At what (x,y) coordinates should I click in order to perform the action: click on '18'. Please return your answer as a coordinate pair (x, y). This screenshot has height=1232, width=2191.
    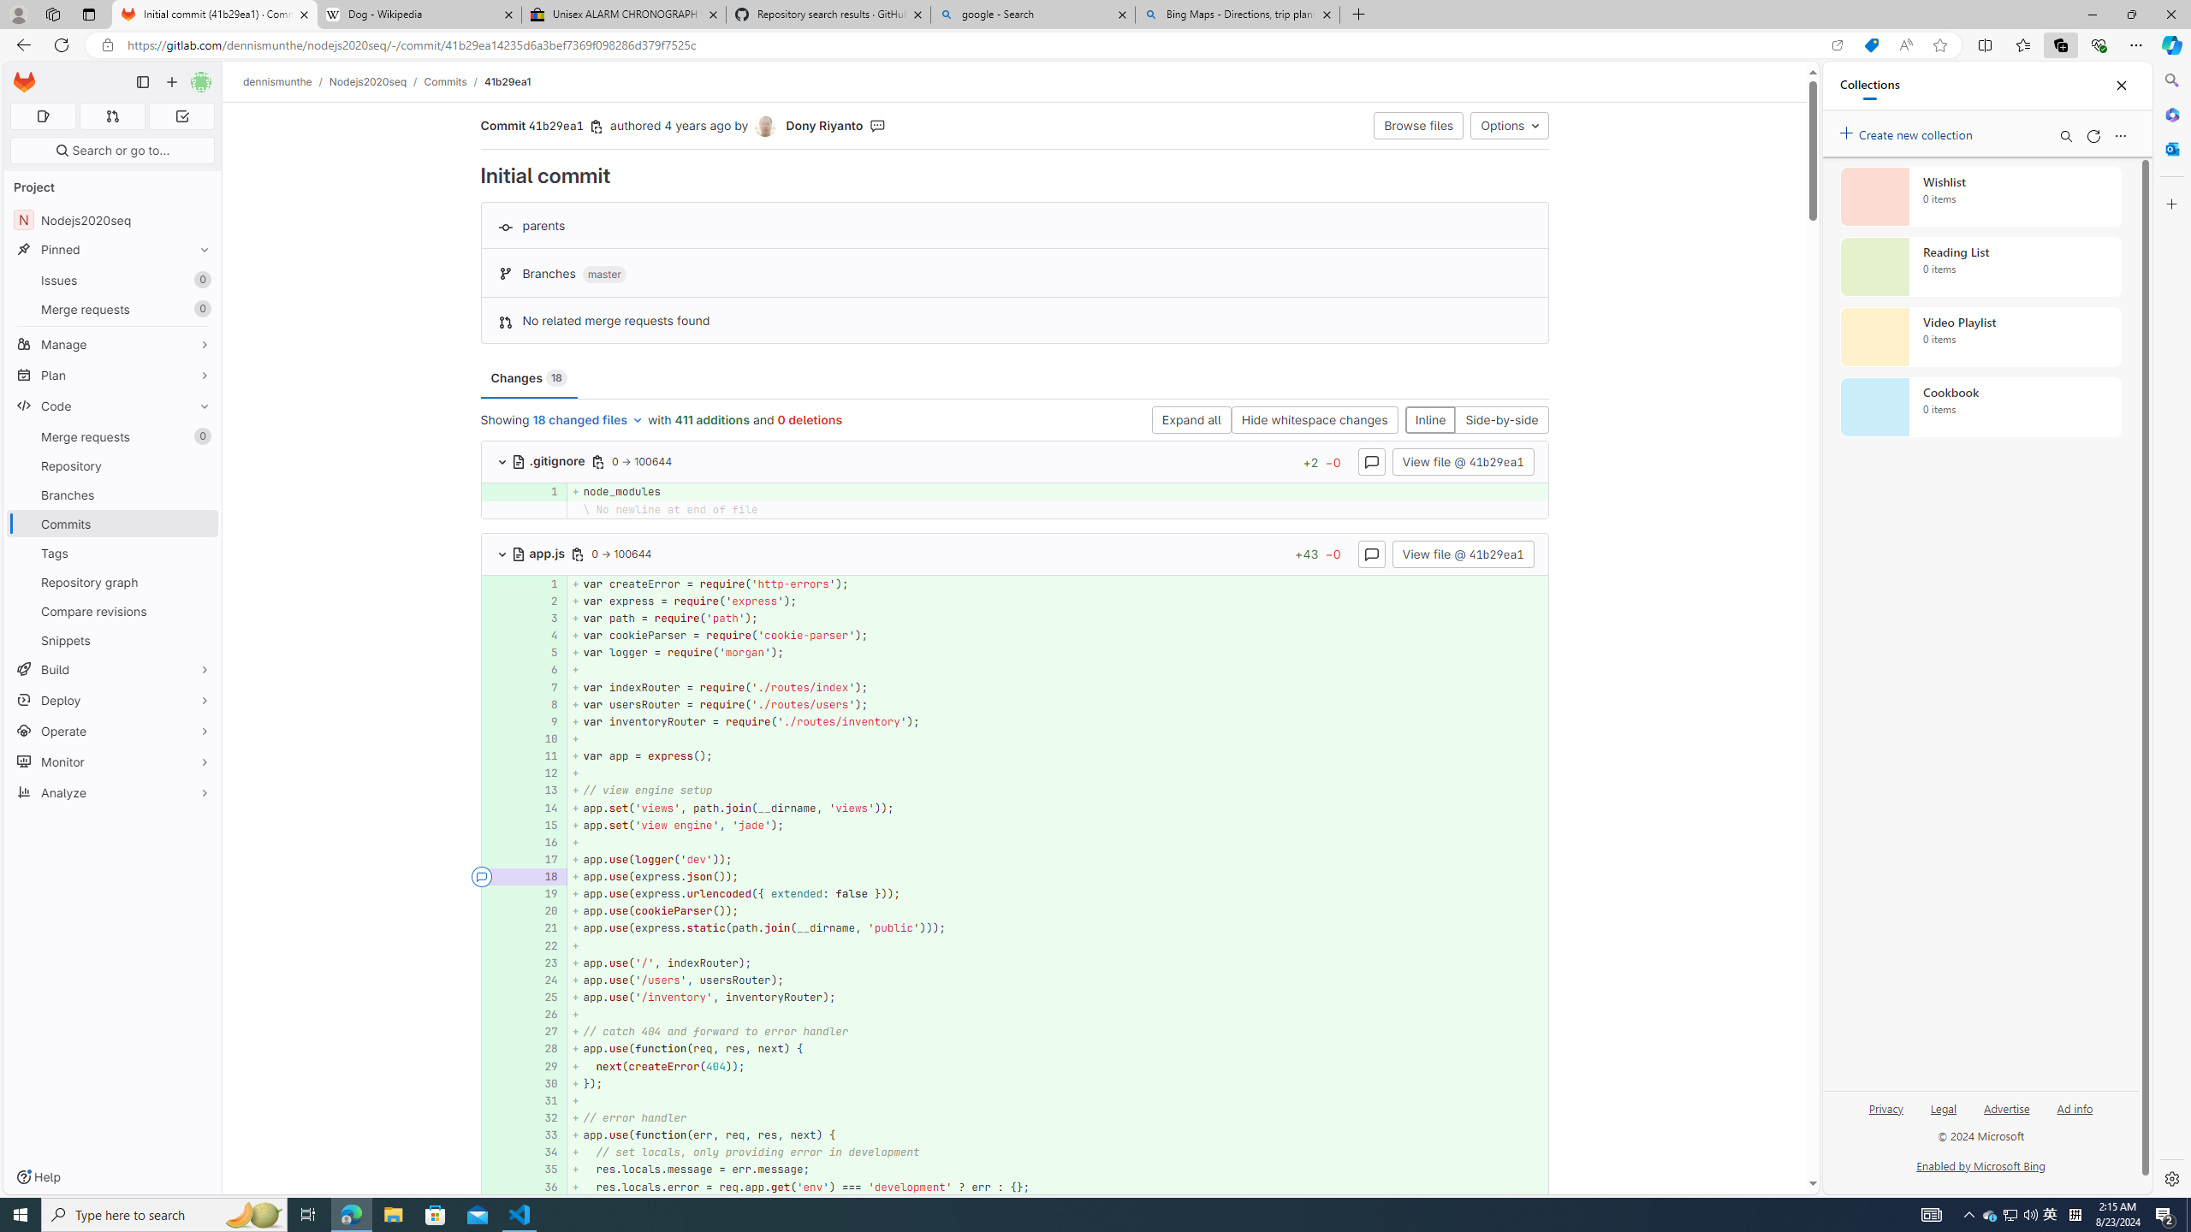
    Looking at the image, I should click on (542, 877).